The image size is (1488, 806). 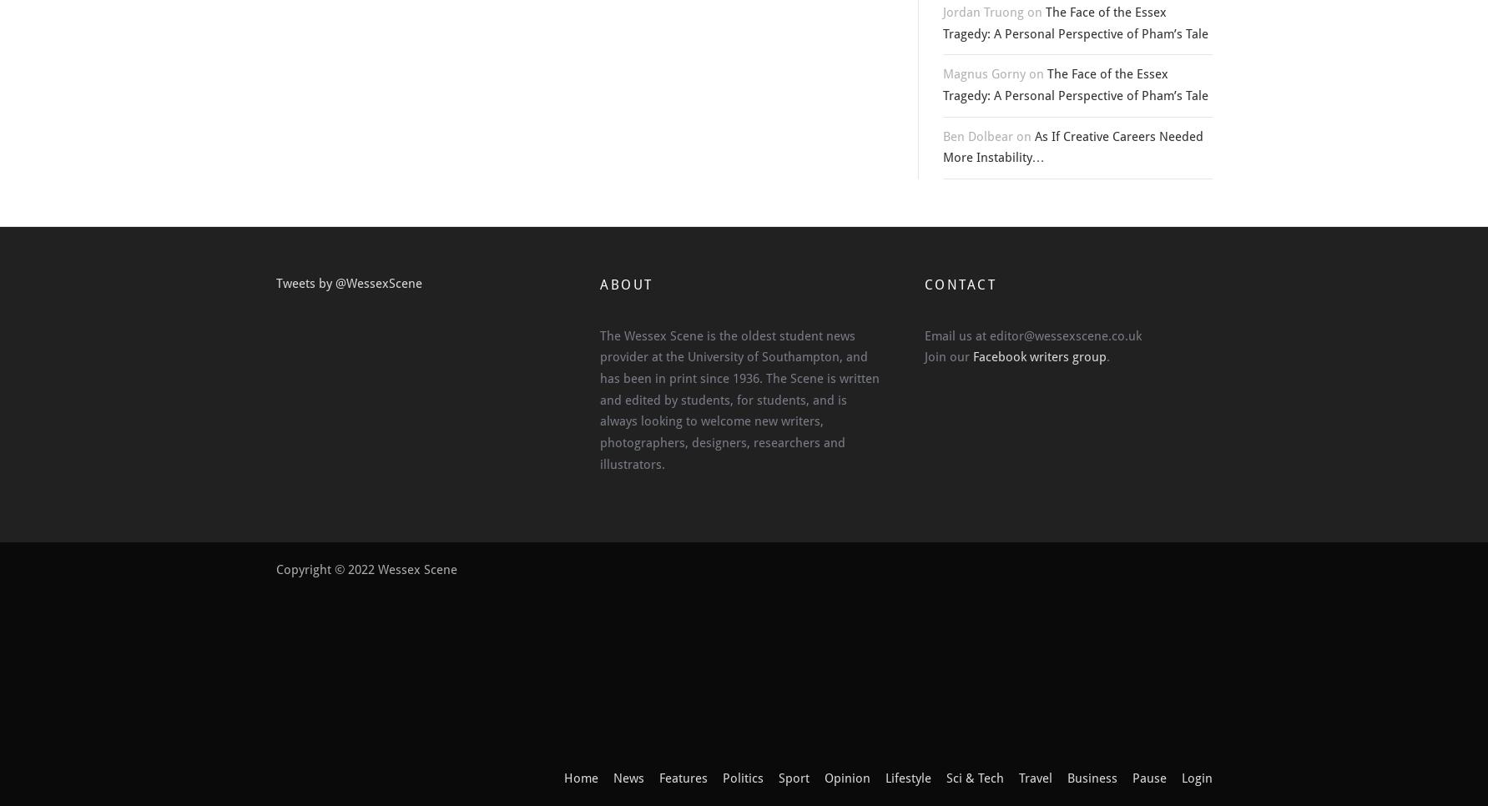 I want to click on '.', so click(x=1107, y=356).